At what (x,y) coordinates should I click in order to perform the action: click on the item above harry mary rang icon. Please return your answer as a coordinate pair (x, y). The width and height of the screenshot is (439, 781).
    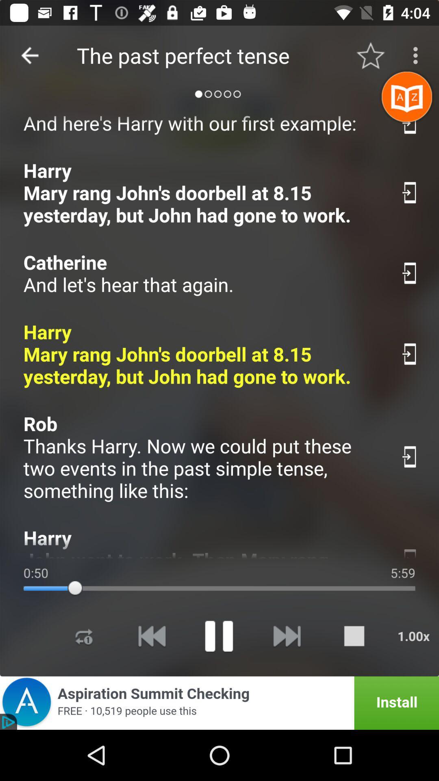
    Looking at the image, I should click on (203, 273).